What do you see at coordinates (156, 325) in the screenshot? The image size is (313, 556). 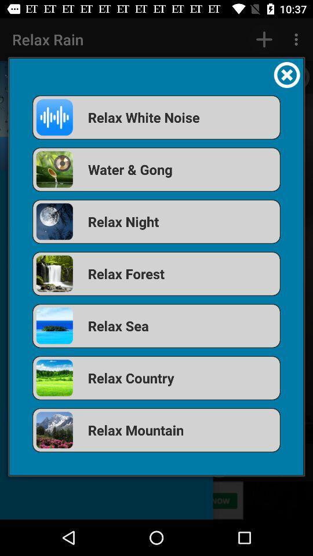 I see `item above the relax country item` at bounding box center [156, 325].